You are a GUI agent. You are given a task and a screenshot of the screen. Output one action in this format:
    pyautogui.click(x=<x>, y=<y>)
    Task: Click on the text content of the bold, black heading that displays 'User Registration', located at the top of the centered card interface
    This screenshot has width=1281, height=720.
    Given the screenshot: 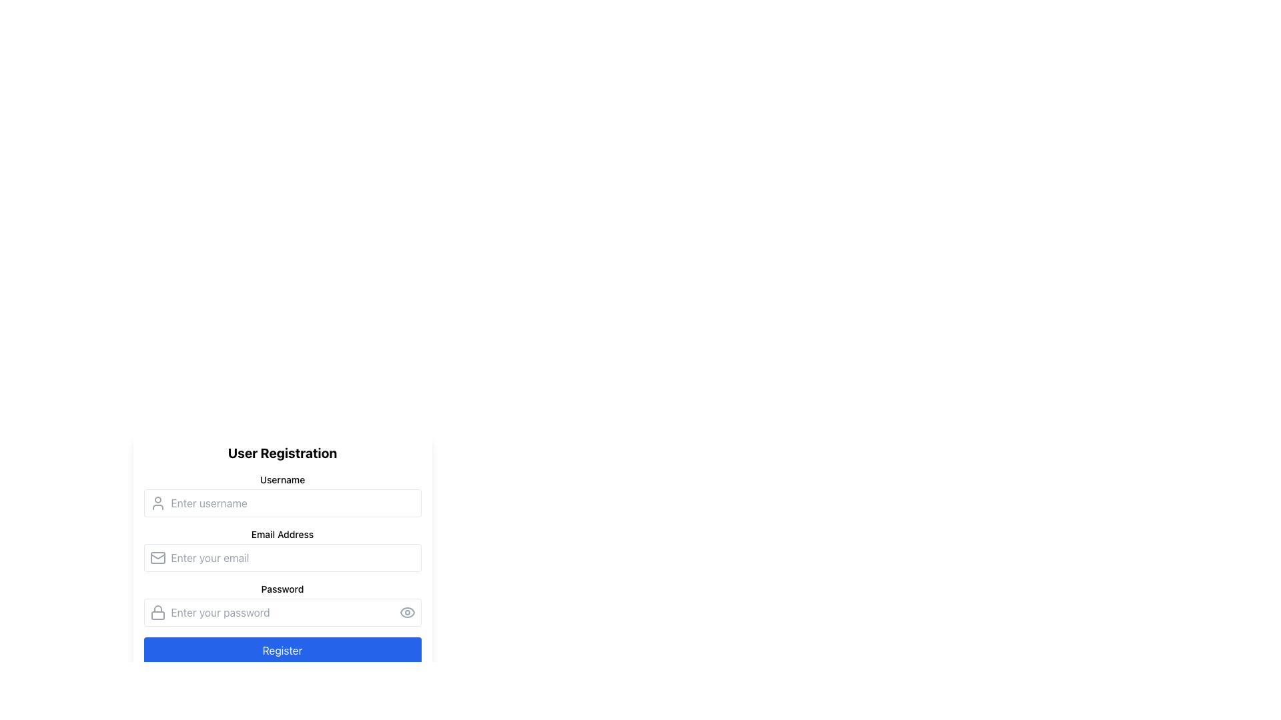 What is the action you would take?
    pyautogui.click(x=282, y=452)
    